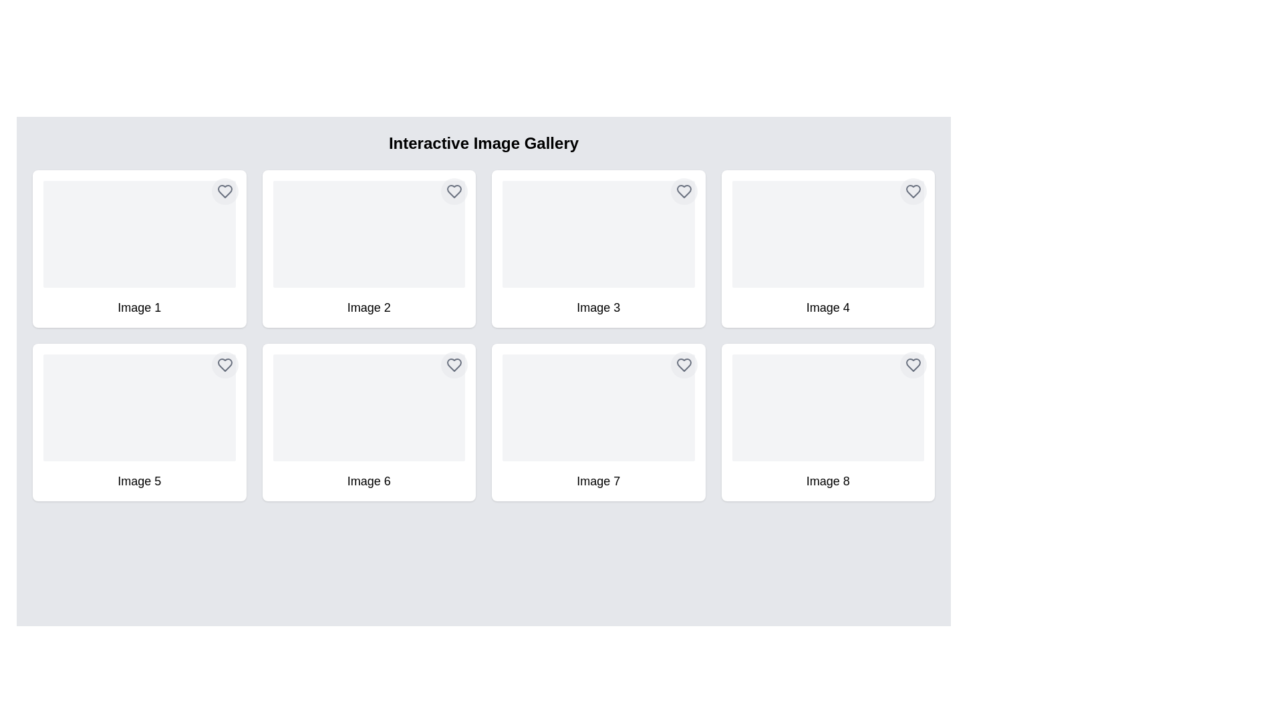  Describe the element at coordinates (913, 365) in the screenshot. I see `the heart icon located at the top-right corner of the 'Image 8' thumbnail` at that location.